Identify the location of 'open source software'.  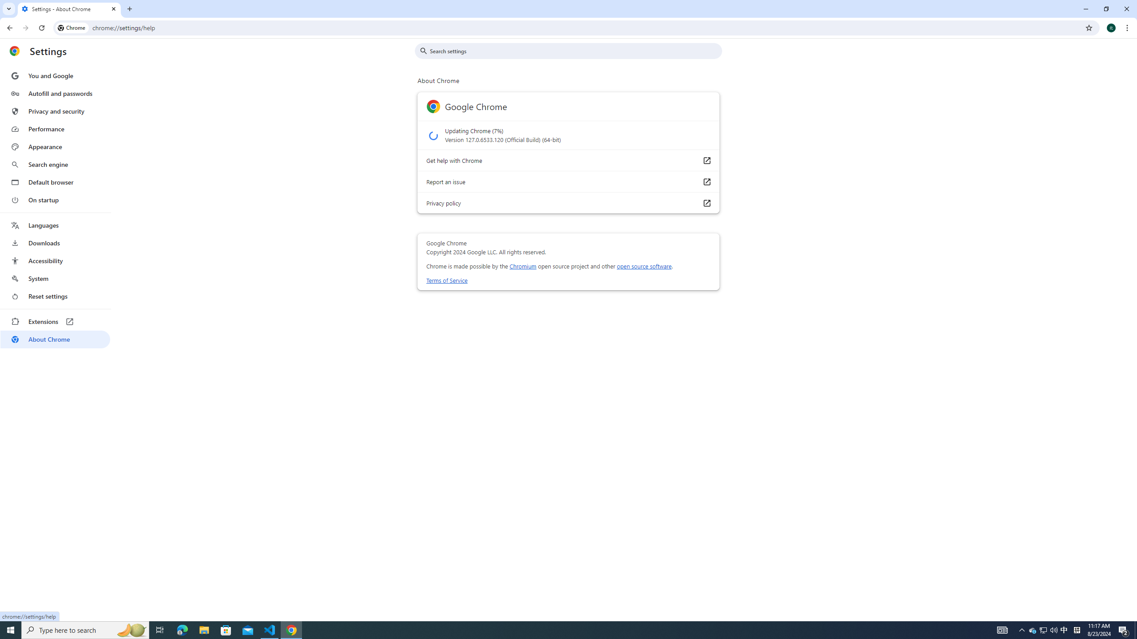
(644, 265).